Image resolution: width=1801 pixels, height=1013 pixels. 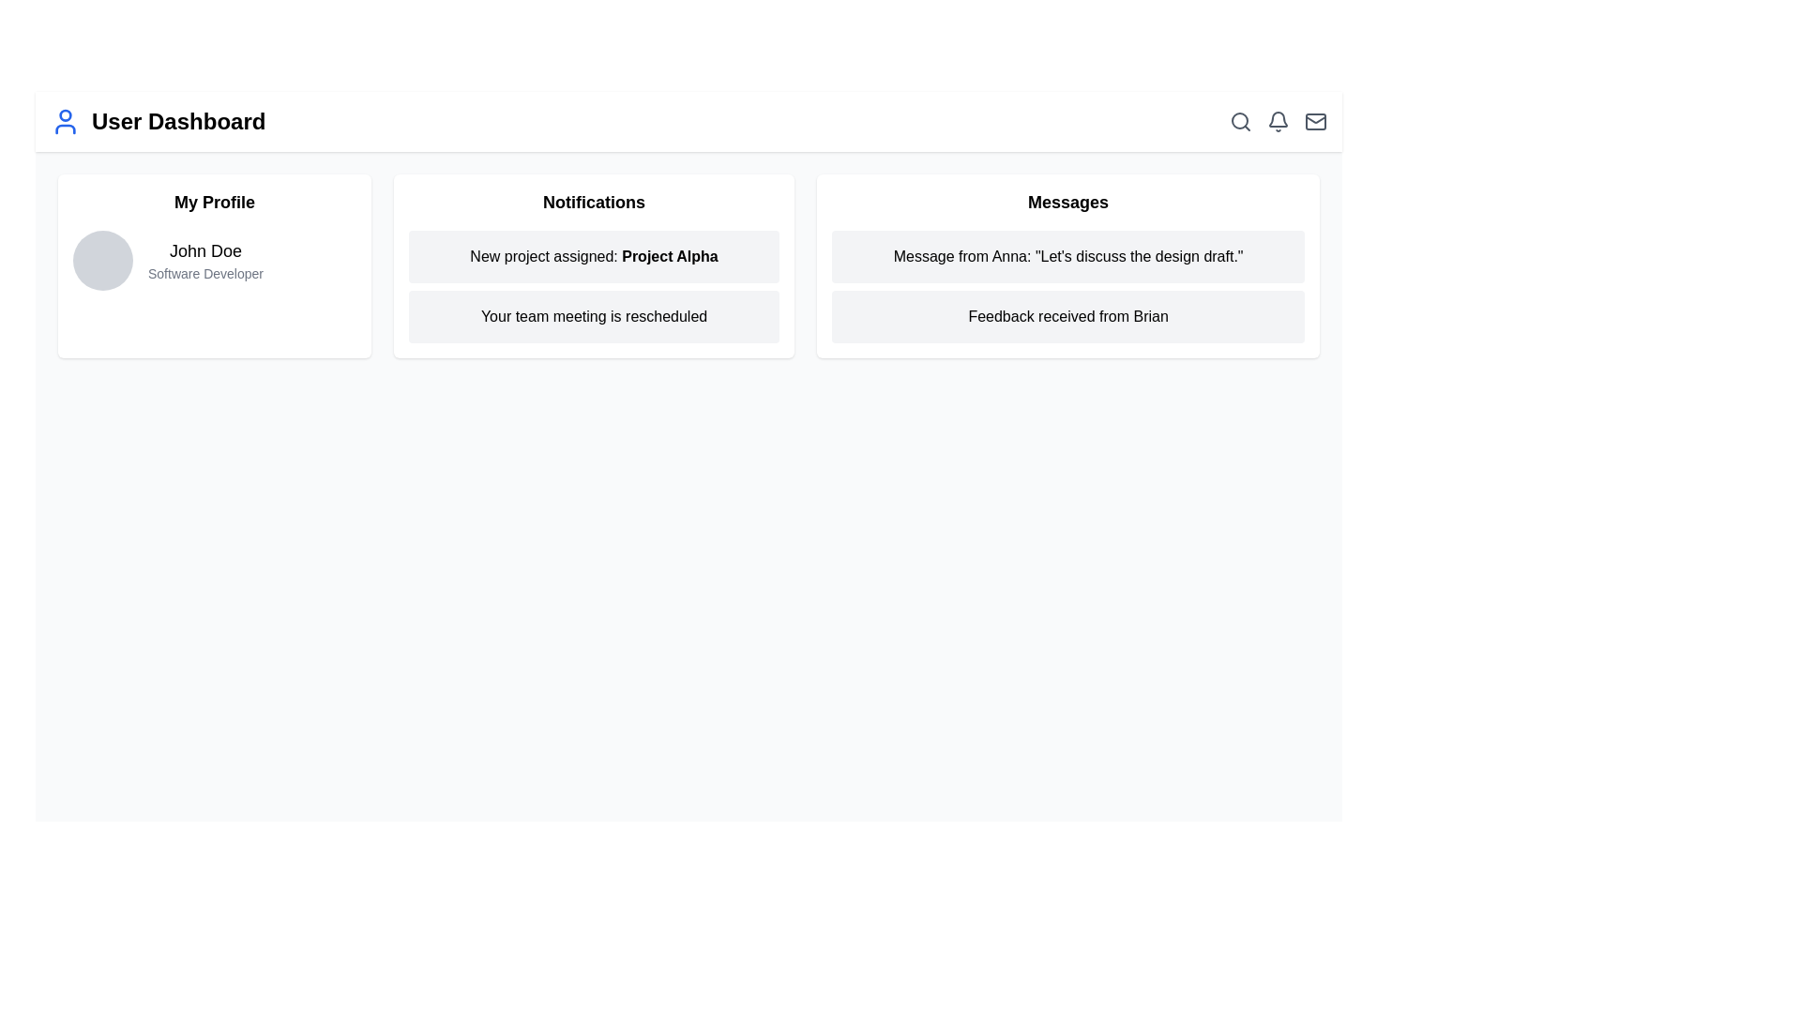 I want to click on over the header bar element located at the top of the interface, which includes the 'User Dashboard' text and three interactive icons on the right, so click(x=688, y=122).